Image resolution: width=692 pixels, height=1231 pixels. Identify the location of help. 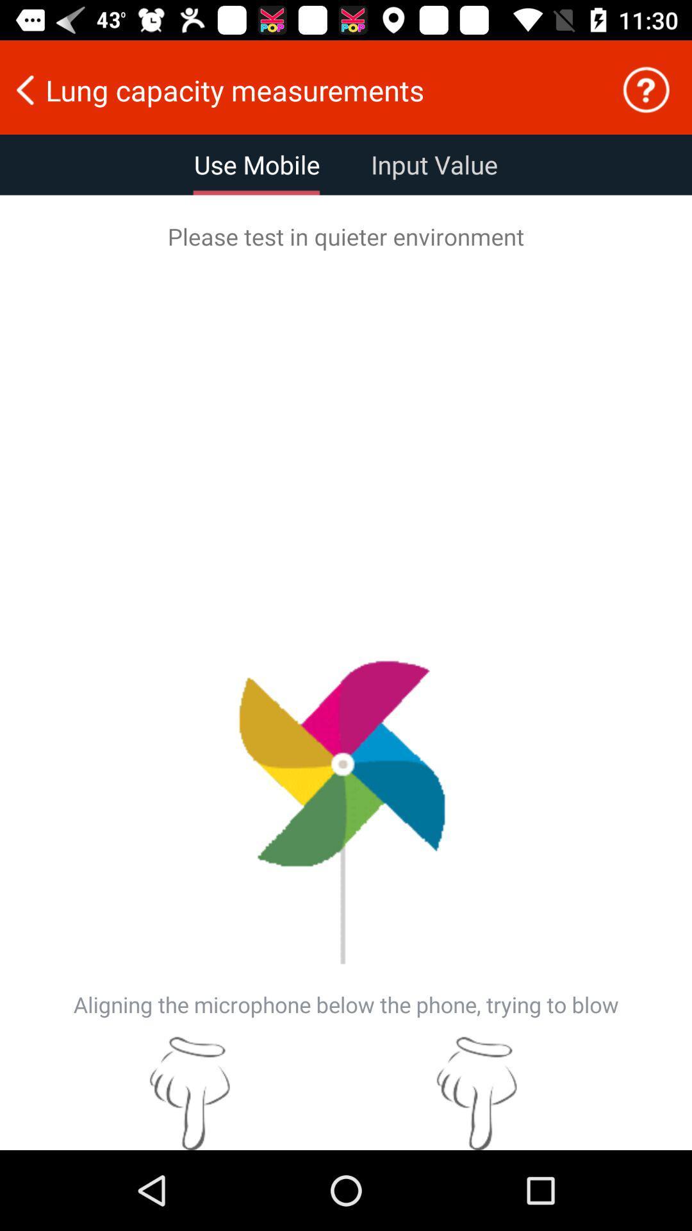
(646, 89).